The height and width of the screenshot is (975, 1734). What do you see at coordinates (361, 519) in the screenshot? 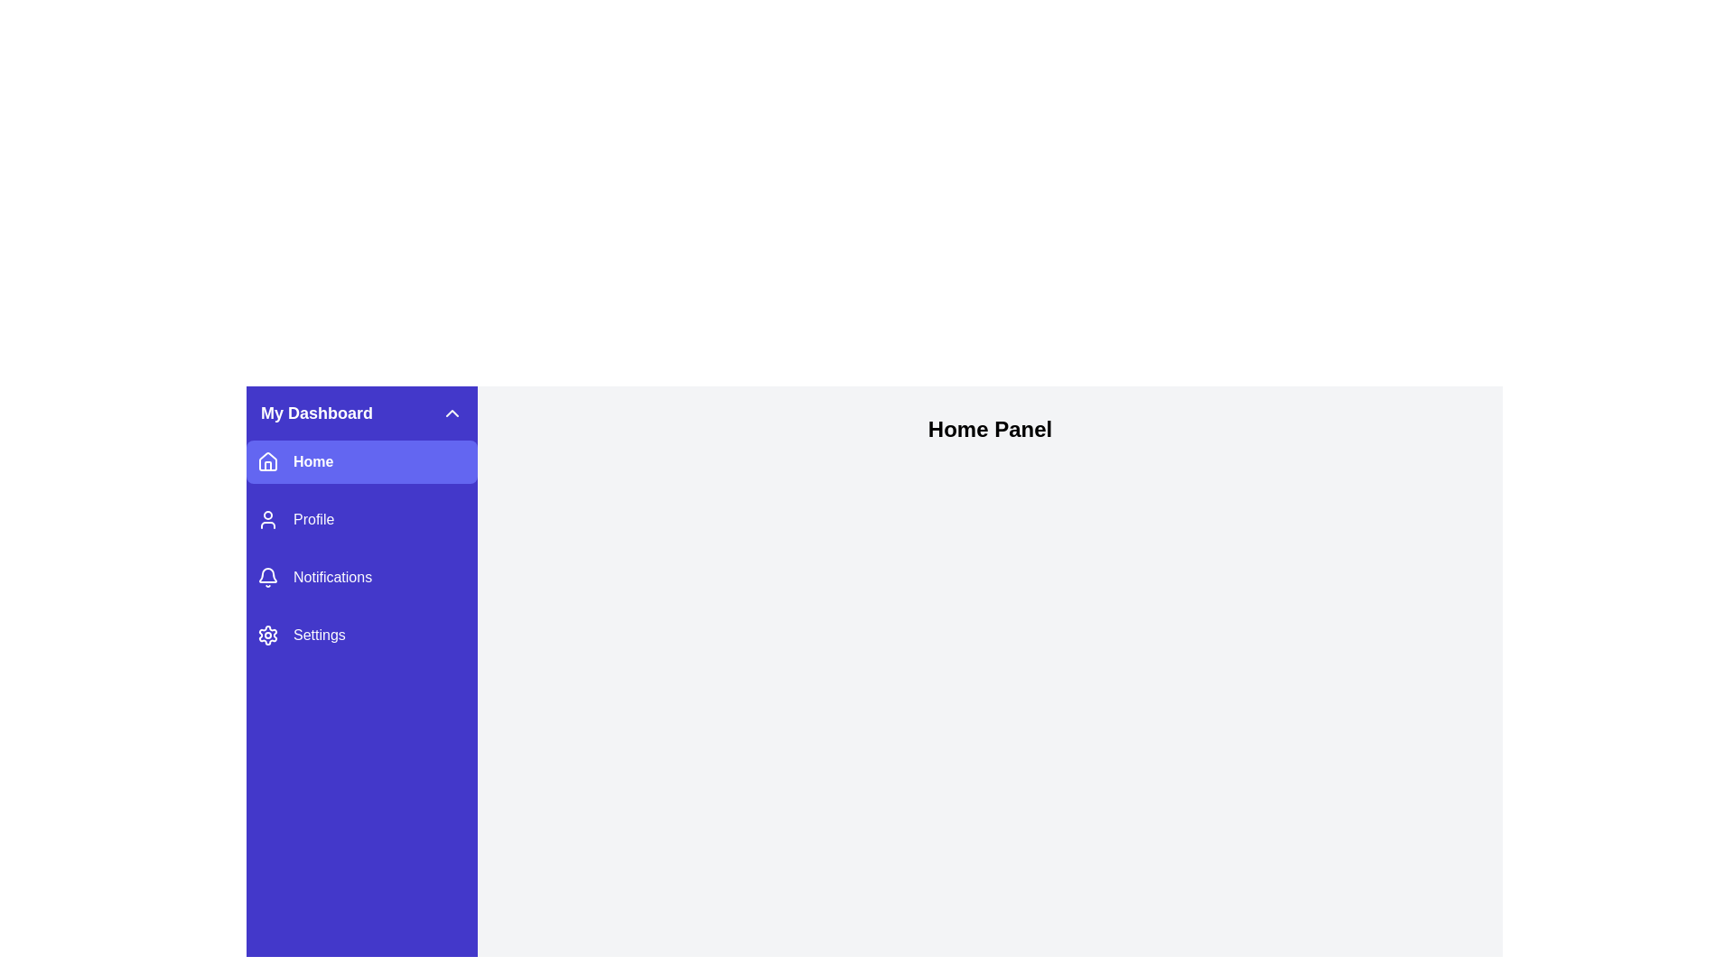
I see `the navigational link for the user's profile section, which is the second item in the vertical menu under 'My Dashboard', located between 'Home' and 'Notifications'` at bounding box center [361, 519].